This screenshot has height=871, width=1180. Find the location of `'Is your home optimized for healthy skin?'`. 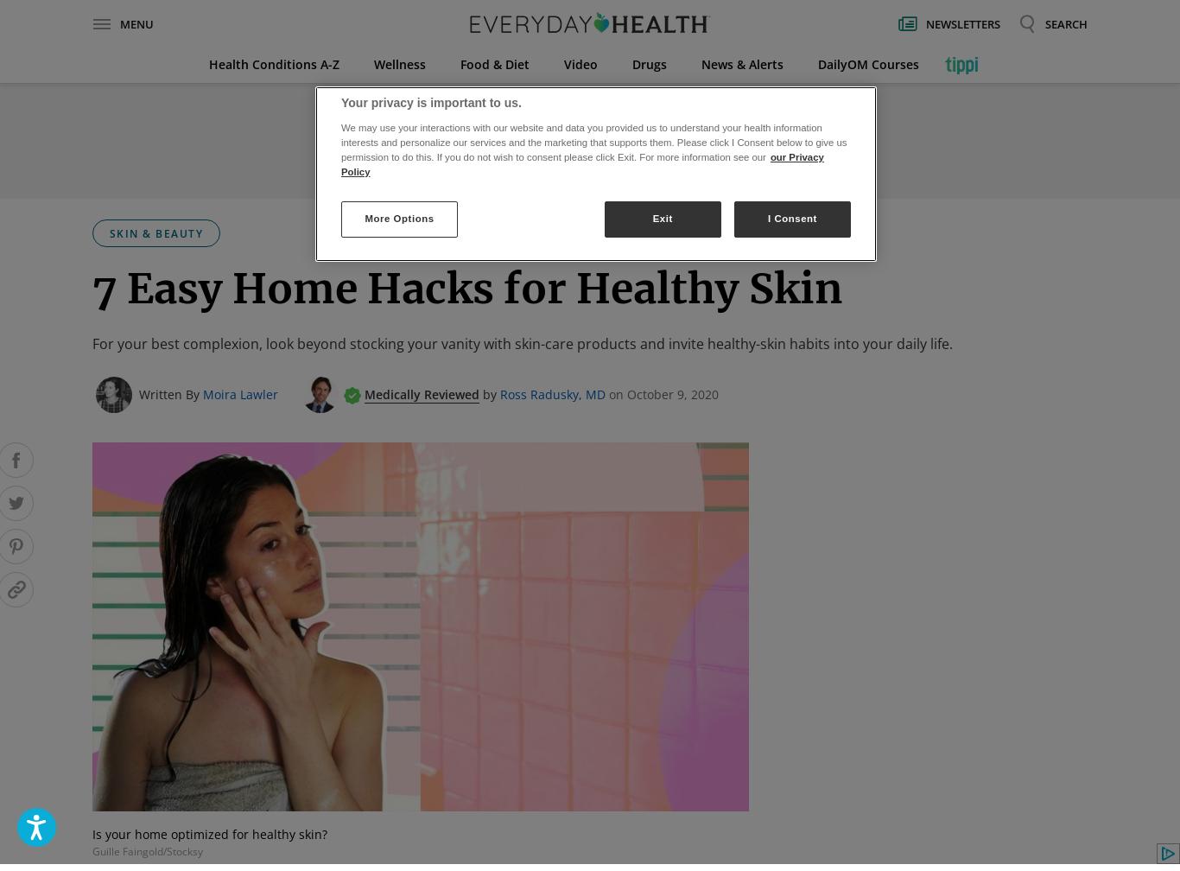

'Is your home optimized for healthy skin?' is located at coordinates (210, 834).